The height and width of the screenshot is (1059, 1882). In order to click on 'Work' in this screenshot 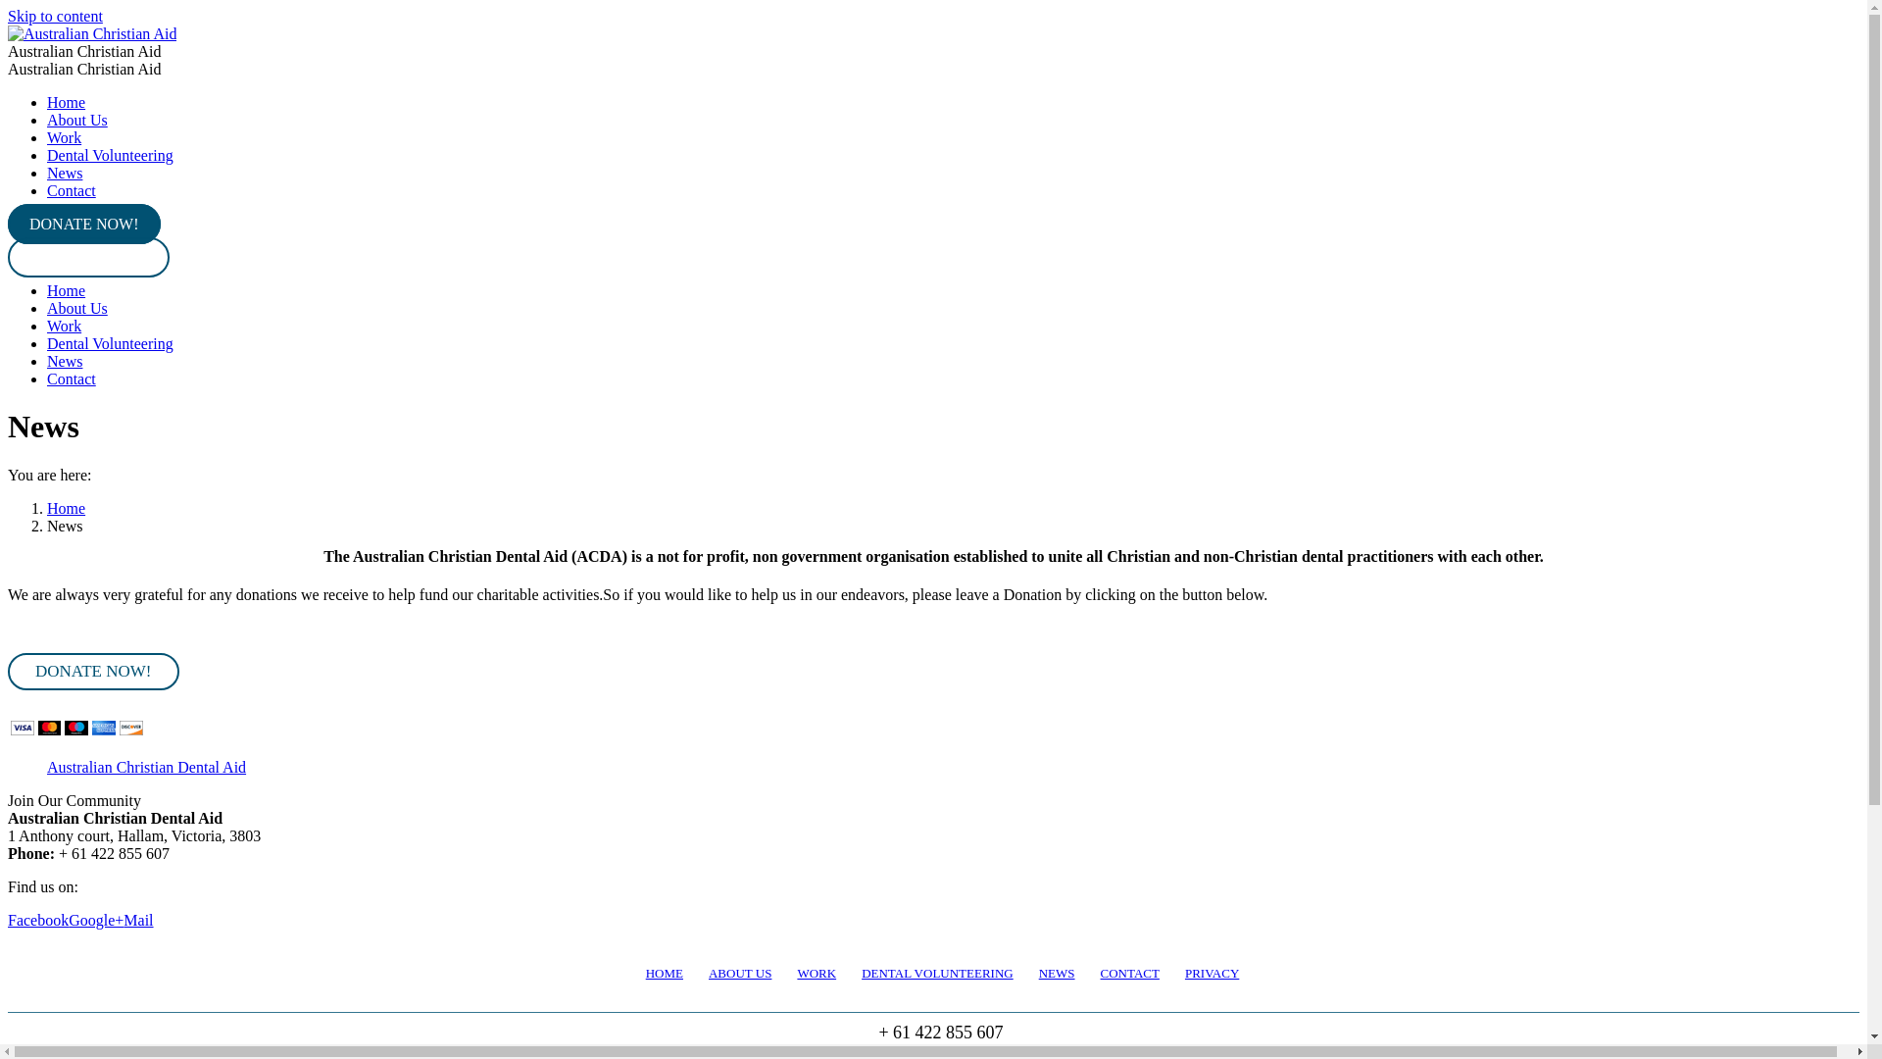, I will do `click(64, 325)`.